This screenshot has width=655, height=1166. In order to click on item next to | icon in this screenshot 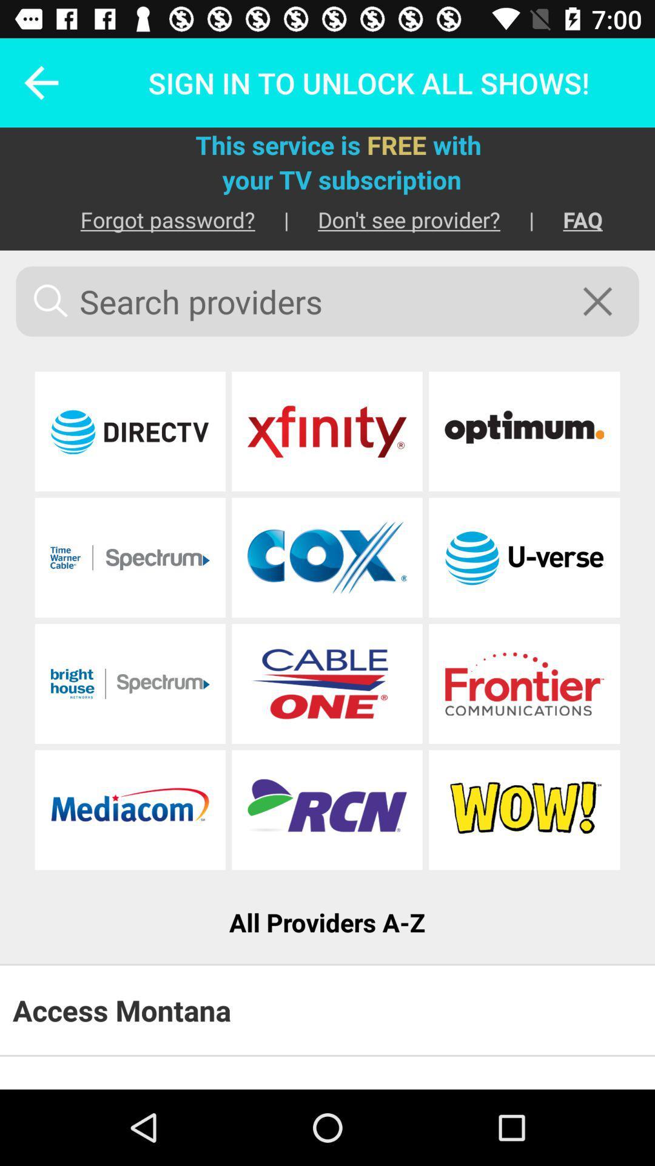, I will do `click(153, 219)`.